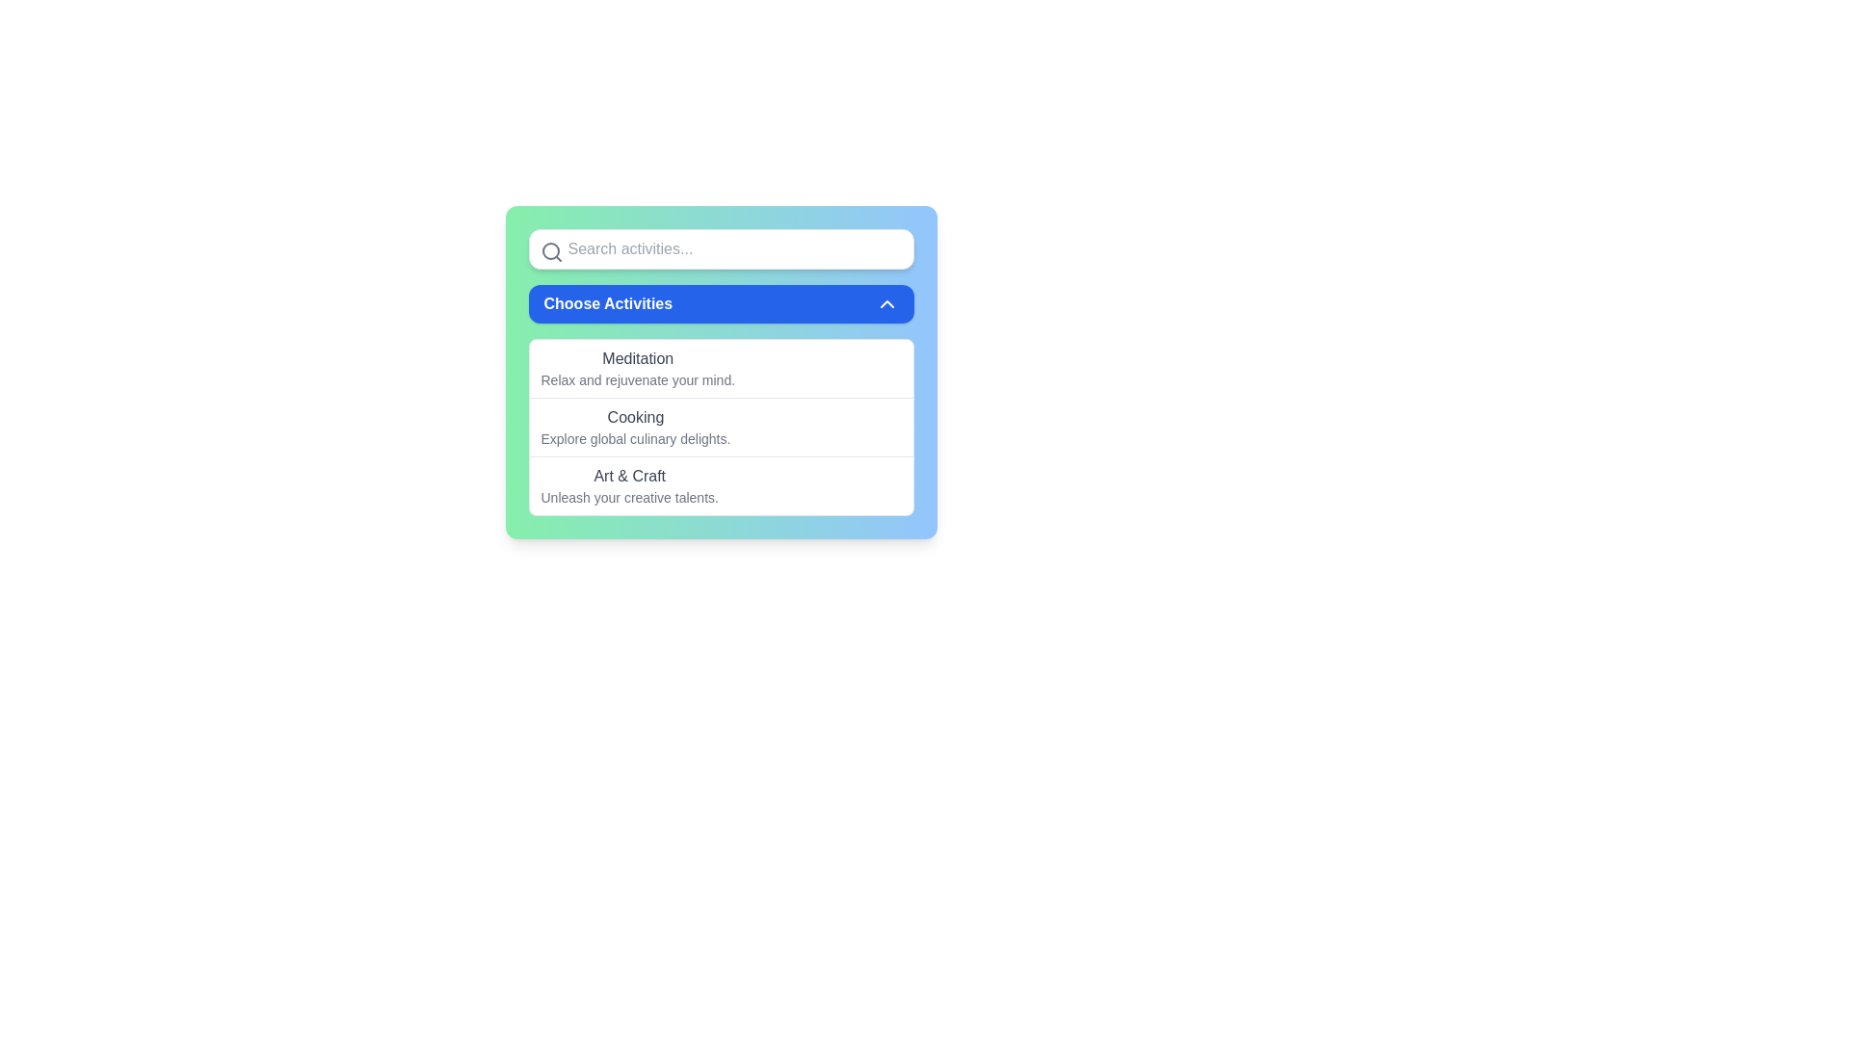 This screenshot has width=1850, height=1040. What do you see at coordinates (635, 417) in the screenshot?
I see `text displayed in the 'Cooking' text element, which is styled in medium-weight gray font and aligned to the left, positioned above the descriptive text` at bounding box center [635, 417].